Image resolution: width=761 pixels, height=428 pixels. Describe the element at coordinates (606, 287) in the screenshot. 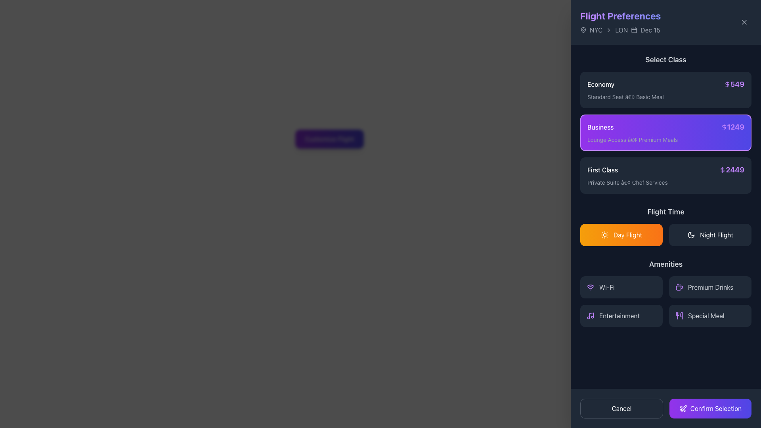

I see `the Text label that indicates Wi-Fi-related amenities, located in the 'Amenities' section as the first row item` at that location.